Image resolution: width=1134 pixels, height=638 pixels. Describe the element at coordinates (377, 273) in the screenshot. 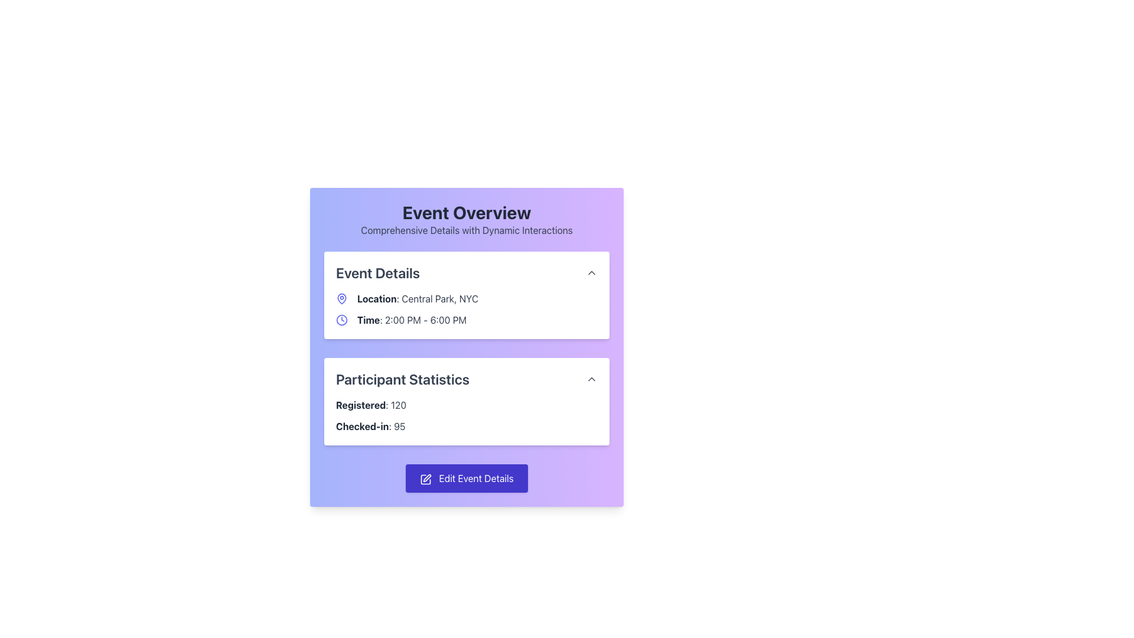

I see `the Text Label that serves as a header for the event information section, located centrally near the top of the section under the 'Event Overview' title` at that location.